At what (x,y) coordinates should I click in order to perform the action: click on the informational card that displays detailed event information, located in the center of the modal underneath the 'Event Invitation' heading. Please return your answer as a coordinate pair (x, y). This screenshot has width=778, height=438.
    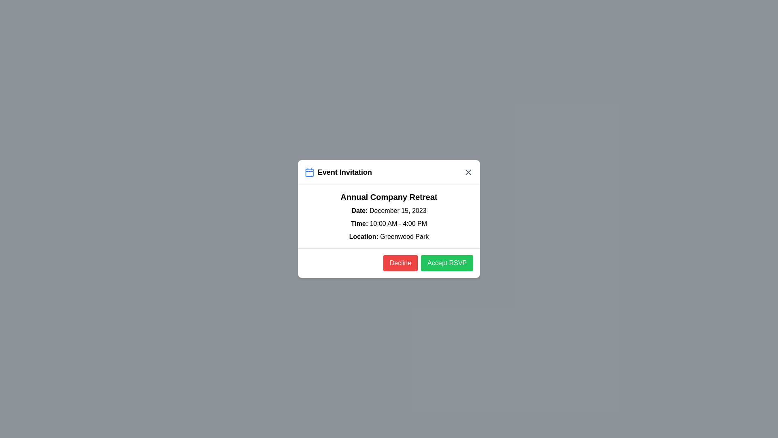
    Looking at the image, I should click on (389, 216).